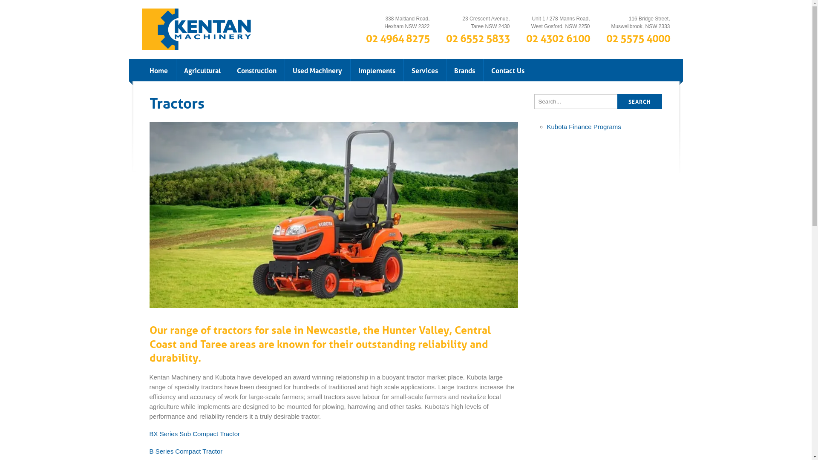 The width and height of the screenshot is (818, 460). Describe the element at coordinates (558, 37) in the screenshot. I see `'02 4302 6100'` at that location.